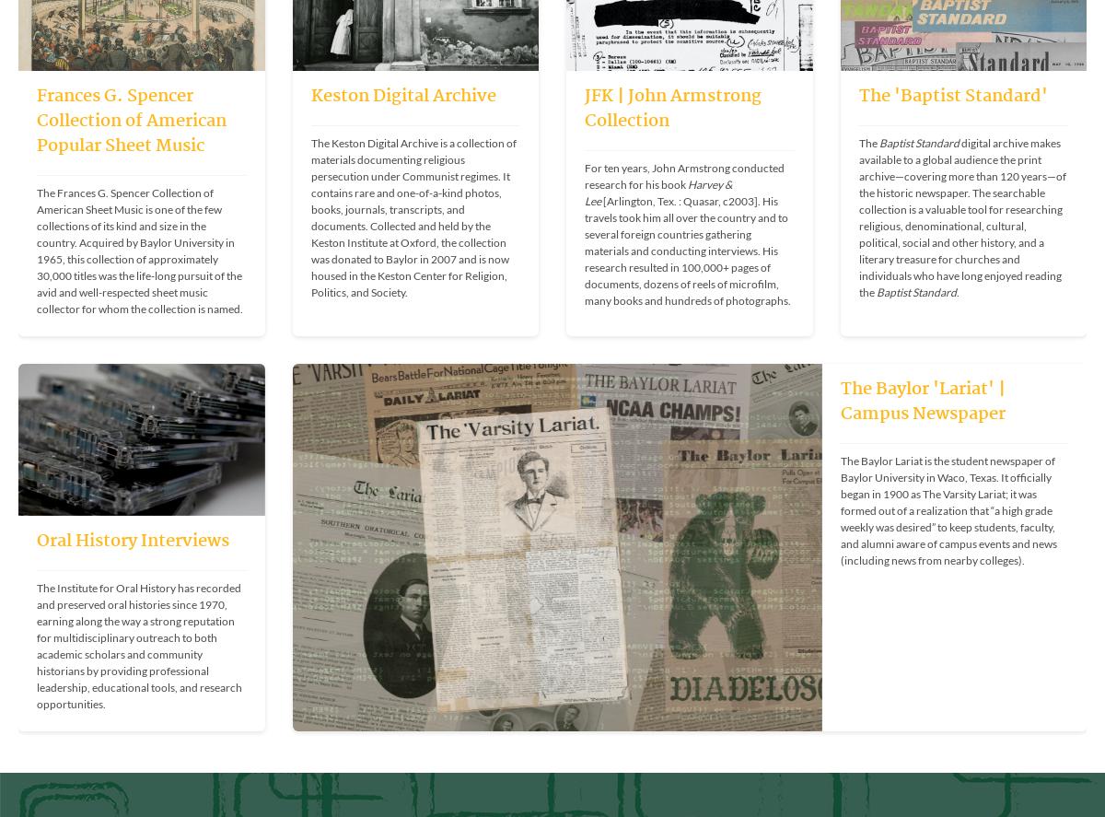 The height and width of the screenshot is (817, 1105). Describe the element at coordinates (132, 121) in the screenshot. I see `'Frances G. Spencer Collection of American Popular Sheet Music'` at that location.